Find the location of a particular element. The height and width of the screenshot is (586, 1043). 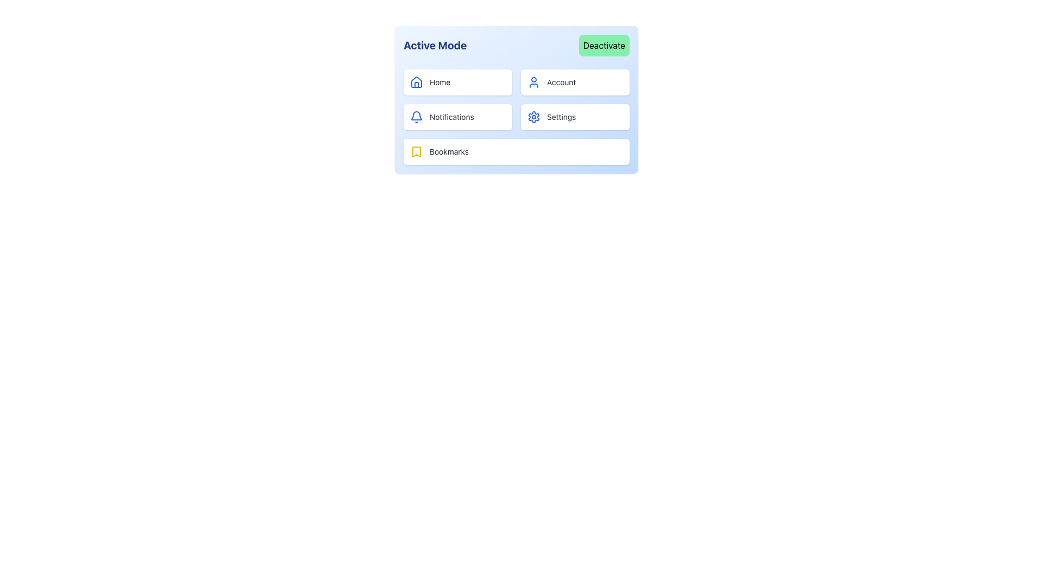

the bell-shaped notification icon with a blue outline located at the upper left corner of the 'Notifications' panel is located at coordinates (416, 117).